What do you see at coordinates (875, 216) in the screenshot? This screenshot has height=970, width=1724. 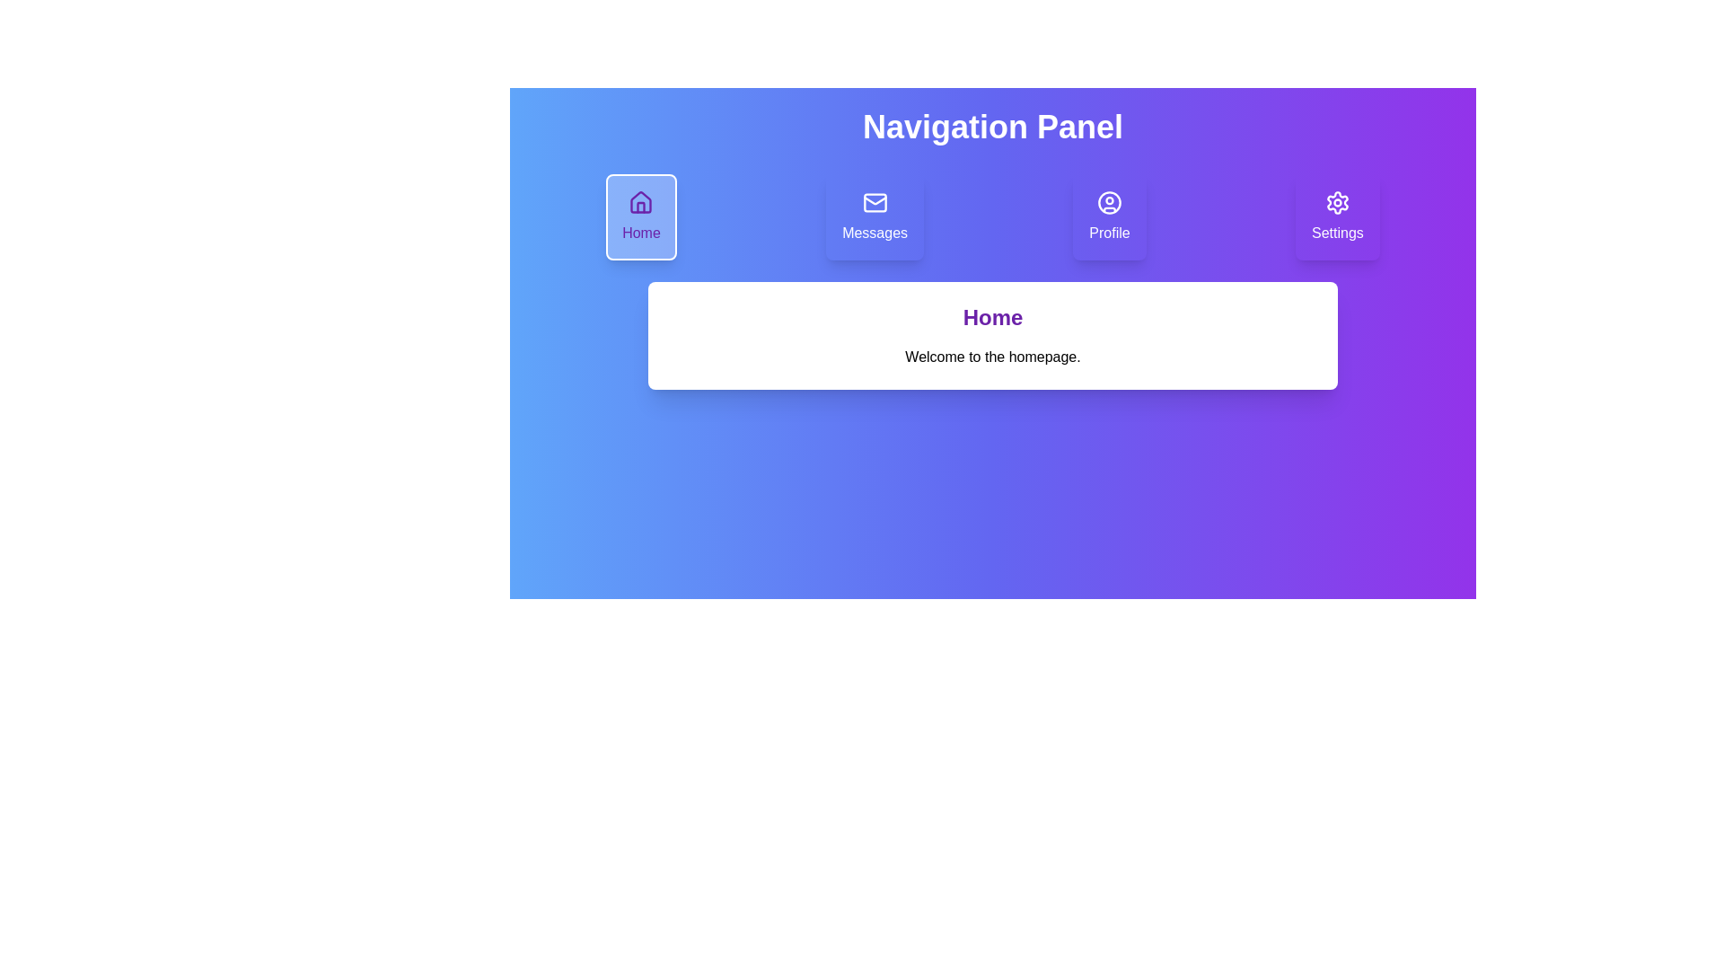 I see `the Messages tab` at bounding box center [875, 216].